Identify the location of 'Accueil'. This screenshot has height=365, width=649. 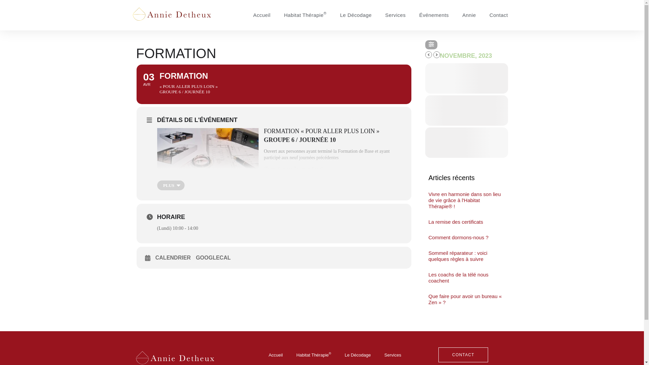
(276, 355).